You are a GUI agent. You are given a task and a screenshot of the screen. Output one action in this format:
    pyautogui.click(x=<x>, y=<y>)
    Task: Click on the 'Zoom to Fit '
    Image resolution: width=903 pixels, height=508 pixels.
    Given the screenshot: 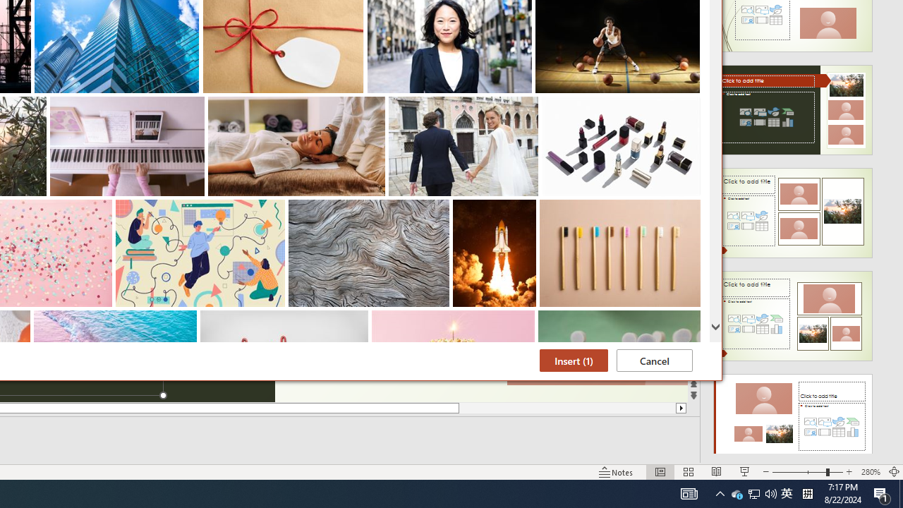 What is the action you would take?
    pyautogui.click(x=900, y=492)
    